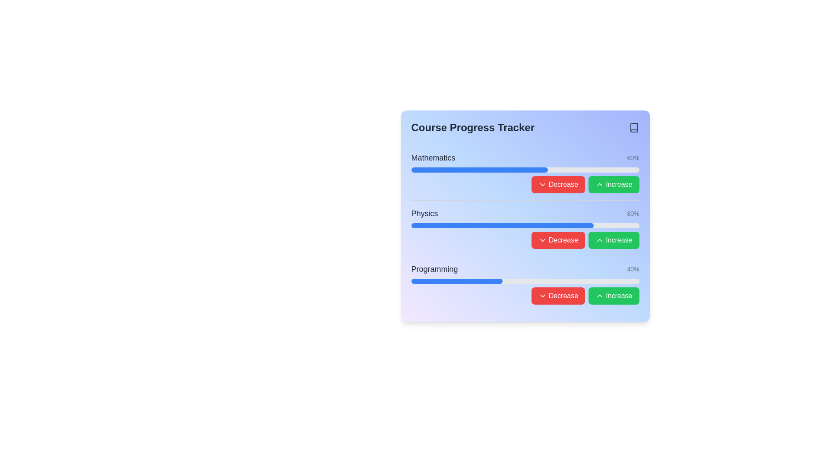 This screenshot has width=829, height=466. What do you see at coordinates (599, 240) in the screenshot?
I see `the upward-facing chevron icon embedded within the green 'Increase' button located on the right side of the 'Physics' progress tracker interface` at bounding box center [599, 240].